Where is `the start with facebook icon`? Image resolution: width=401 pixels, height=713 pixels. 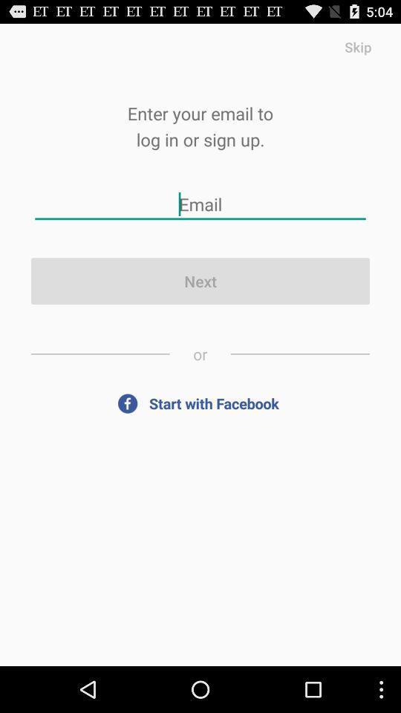
the start with facebook icon is located at coordinates (200, 403).